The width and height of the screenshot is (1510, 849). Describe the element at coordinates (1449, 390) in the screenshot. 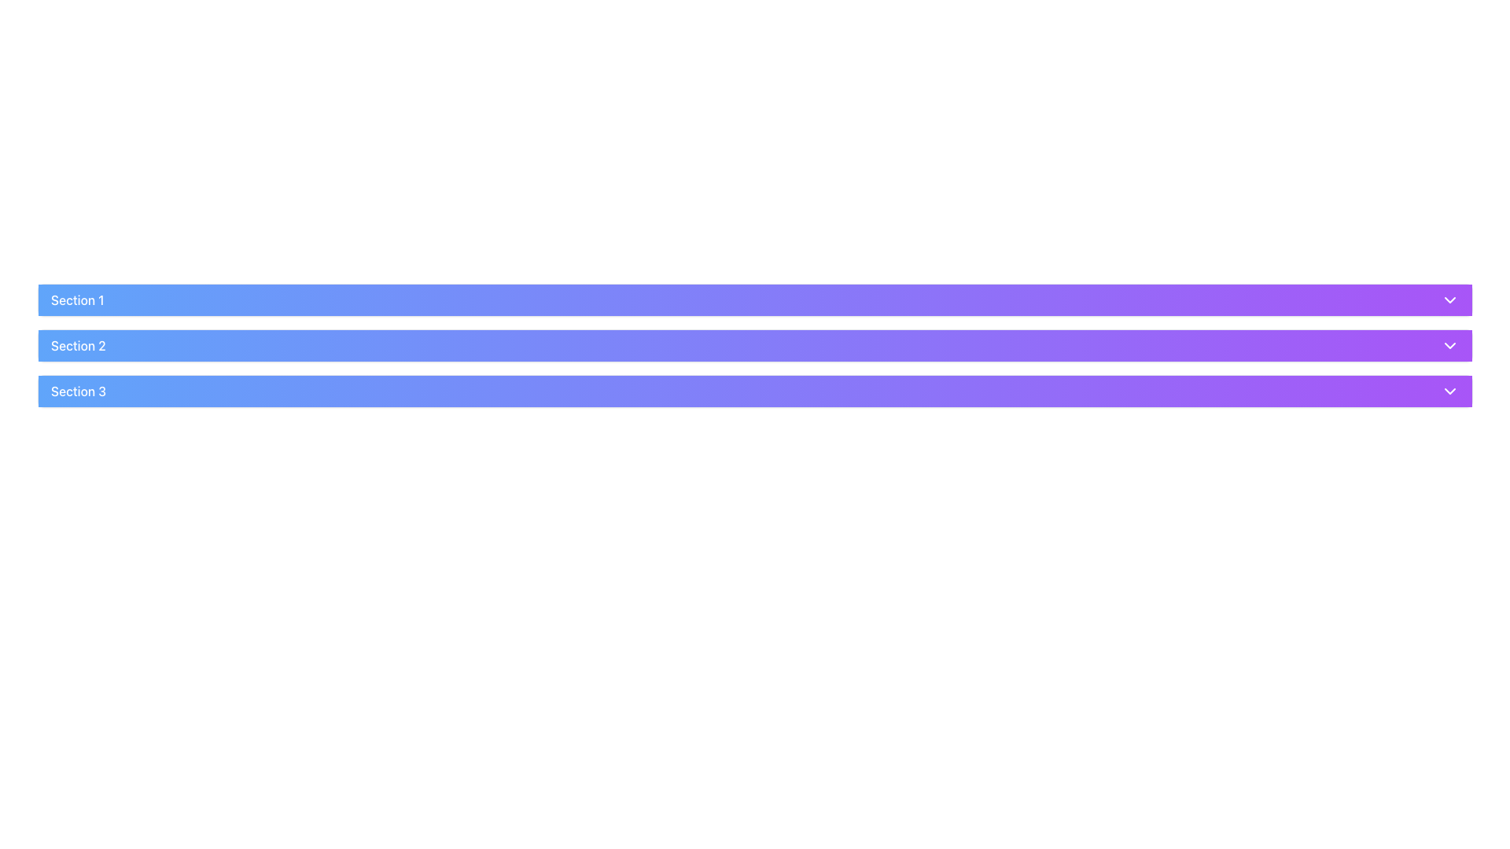

I see `the downward chevron arrow icon, which is white on a purple gradient background, located at the far right edge of the Section 3 bar` at that location.